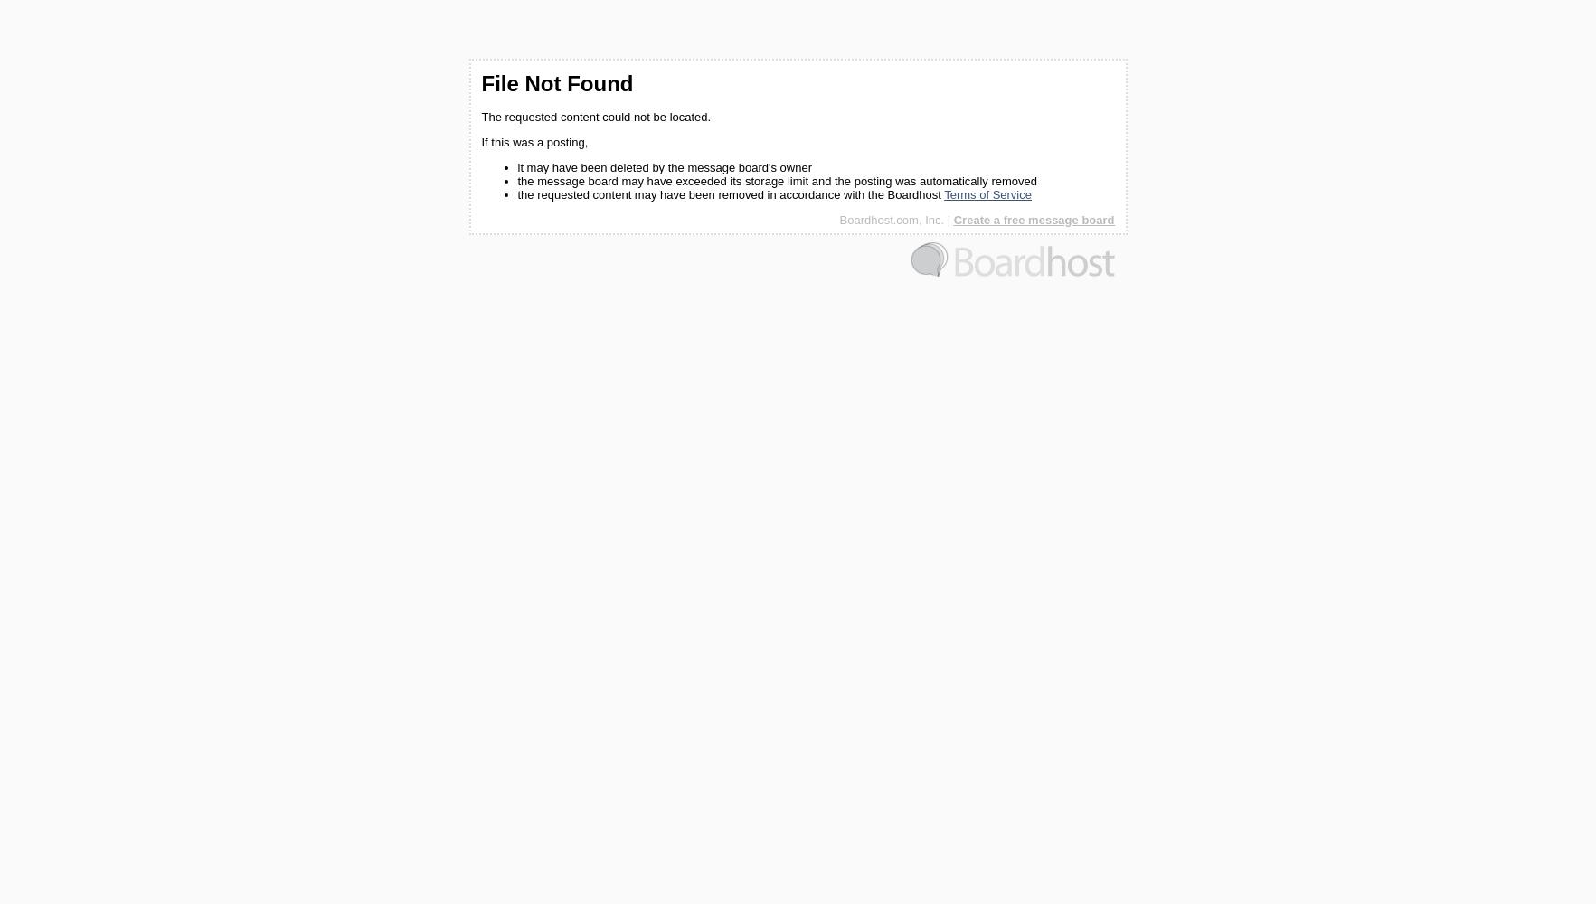 This screenshot has height=904, width=1596. I want to click on 'The requested content could not be located.', so click(595, 117).